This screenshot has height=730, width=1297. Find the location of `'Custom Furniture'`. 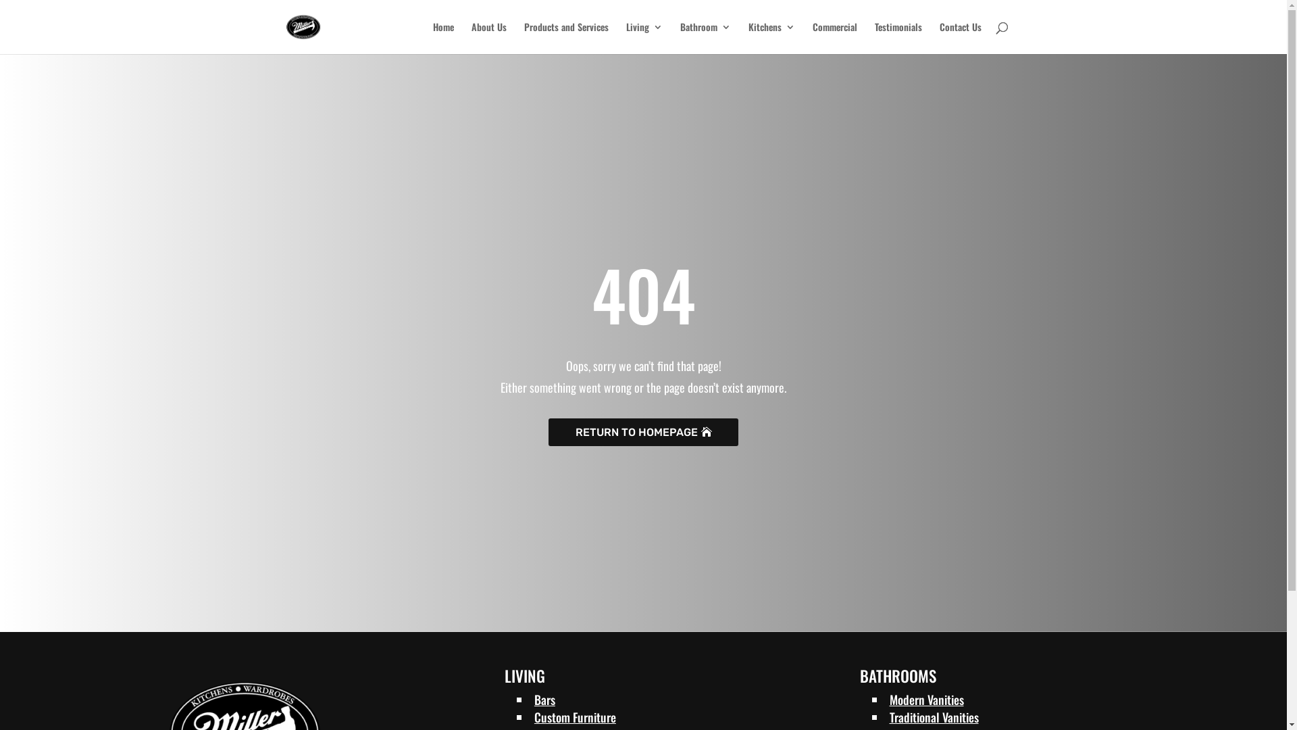

'Custom Furniture' is located at coordinates (575, 716).